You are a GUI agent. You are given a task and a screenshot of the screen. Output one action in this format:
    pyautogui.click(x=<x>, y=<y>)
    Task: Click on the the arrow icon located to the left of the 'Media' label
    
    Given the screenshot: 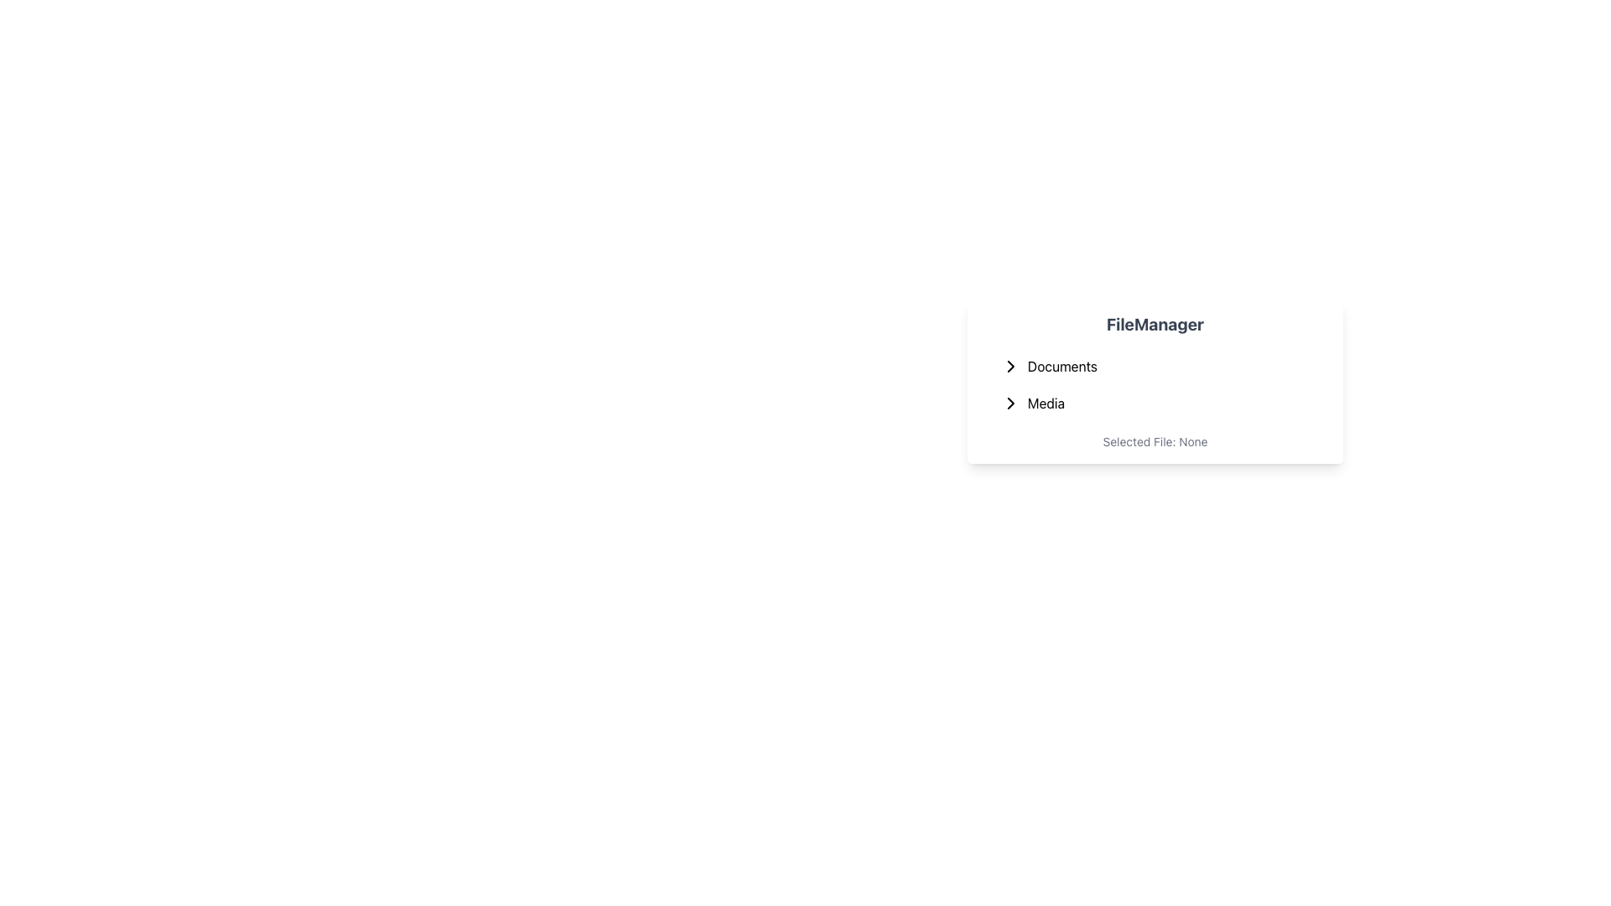 What is the action you would take?
    pyautogui.click(x=1009, y=404)
    